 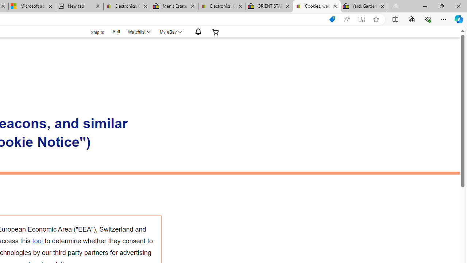 I want to click on 'AutomationID: gh-eb-Alerts', so click(x=197, y=31).